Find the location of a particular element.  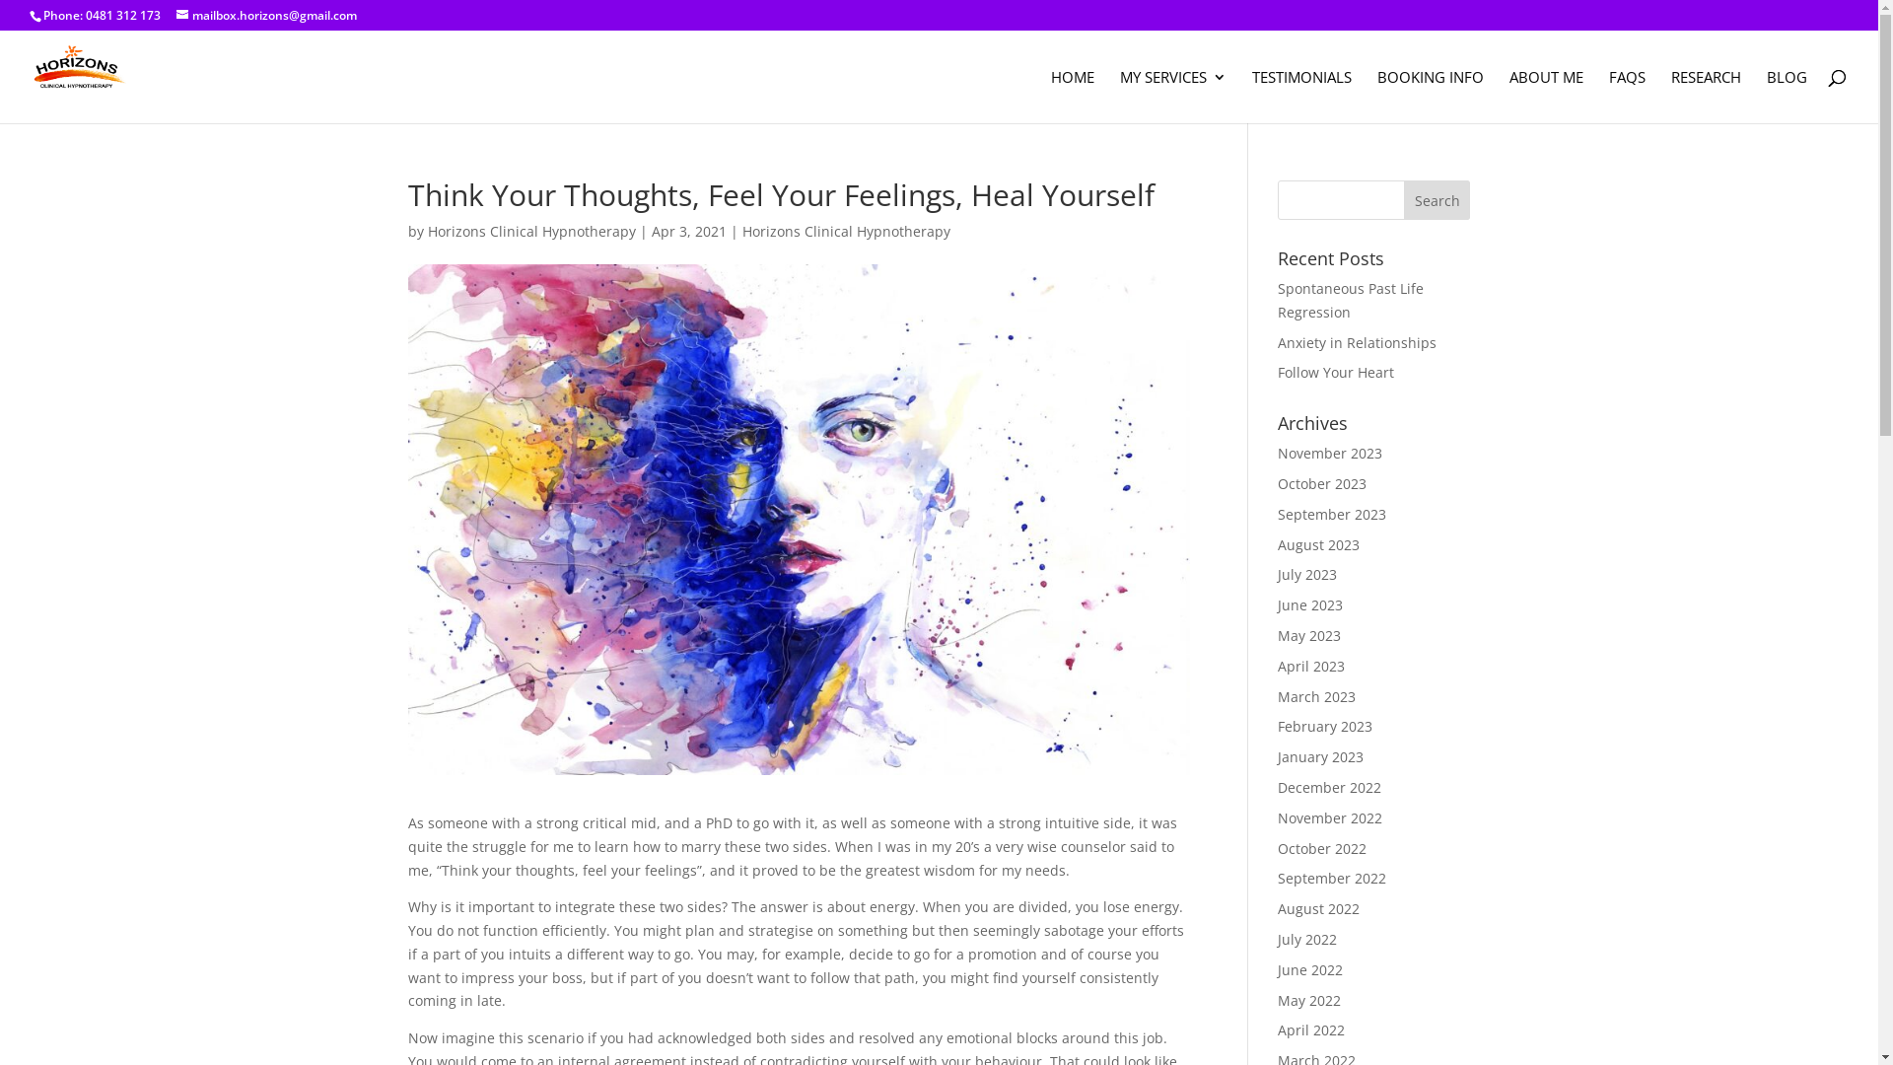

'August 2022' is located at coordinates (1318, 908).